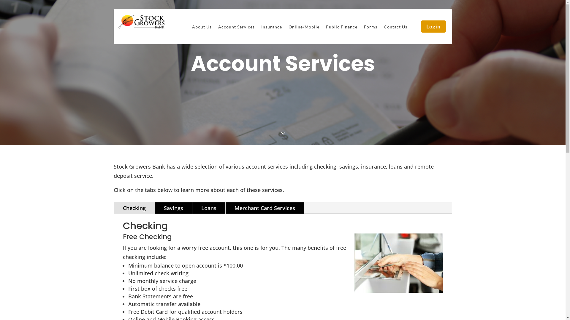  What do you see at coordinates (209, 208) in the screenshot?
I see `'Loans'` at bounding box center [209, 208].